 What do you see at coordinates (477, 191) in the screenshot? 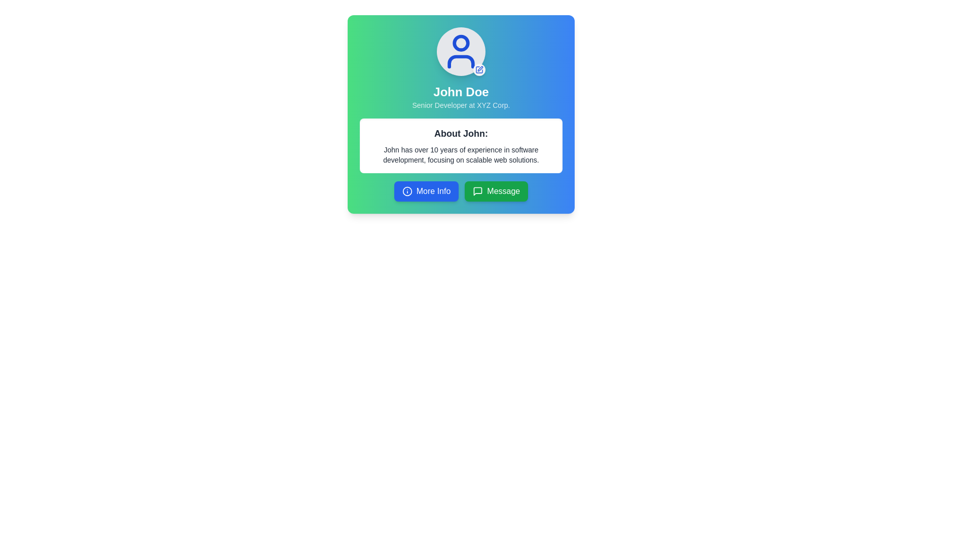
I see `the 'Message' icon located to the left of the button's text at the bottom right of the card, which serves as a visual indicator for the 'Message' functionality` at bounding box center [477, 191].